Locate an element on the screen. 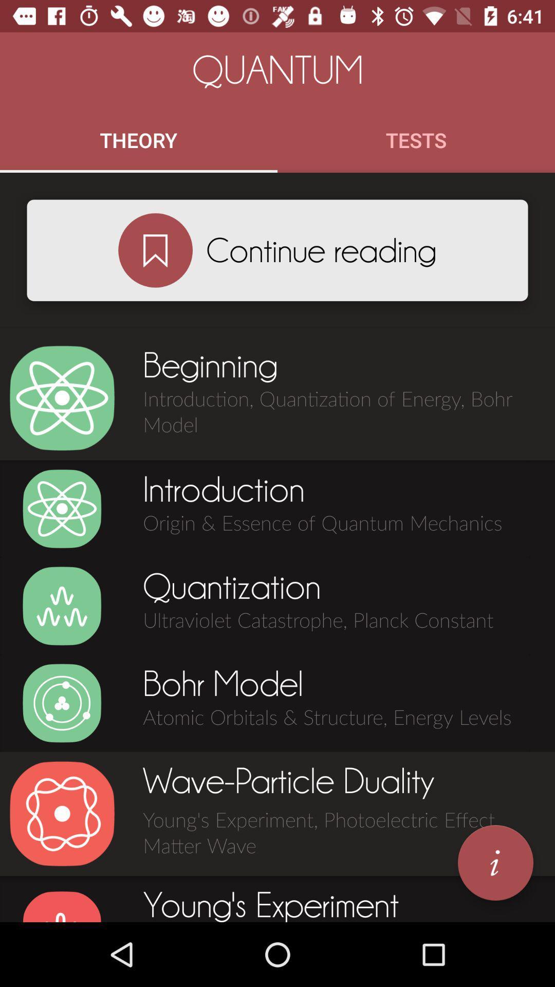  this button takes me to an information page is located at coordinates (495, 863).